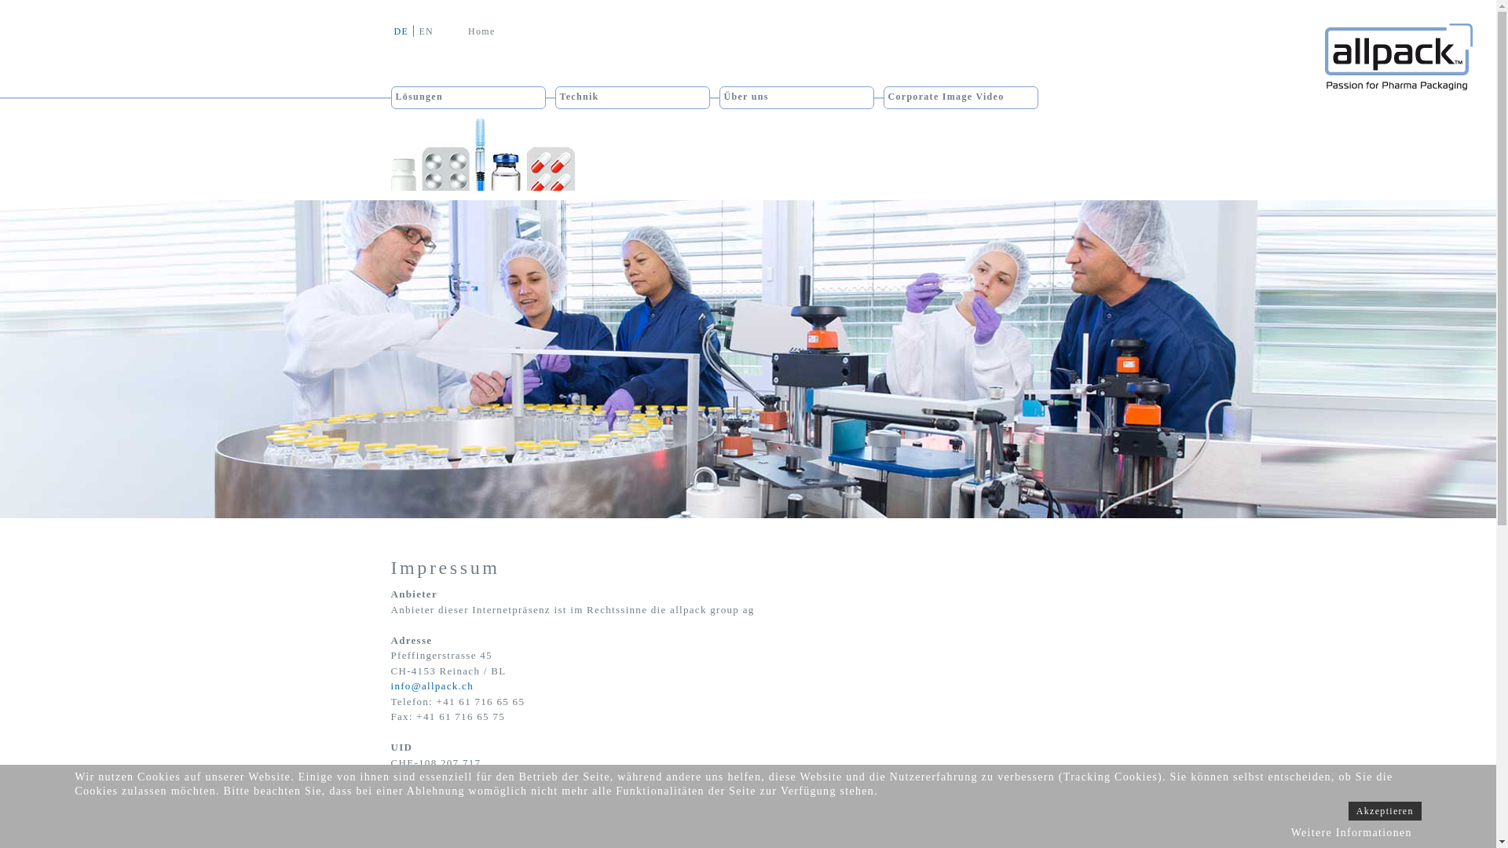 This screenshot has width=1508, height=848. Describe the element at coordinates (1398, 63) in the screenshot. I see `'Allpack Group'` at that location.